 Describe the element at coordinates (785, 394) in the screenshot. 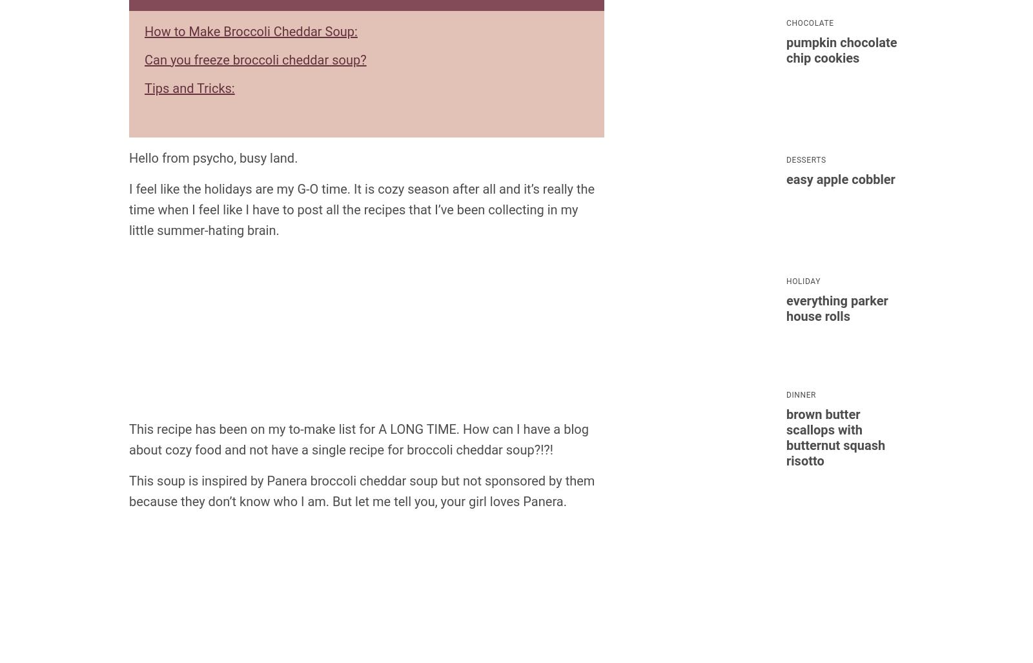

I see `'Dinner'` at that location.